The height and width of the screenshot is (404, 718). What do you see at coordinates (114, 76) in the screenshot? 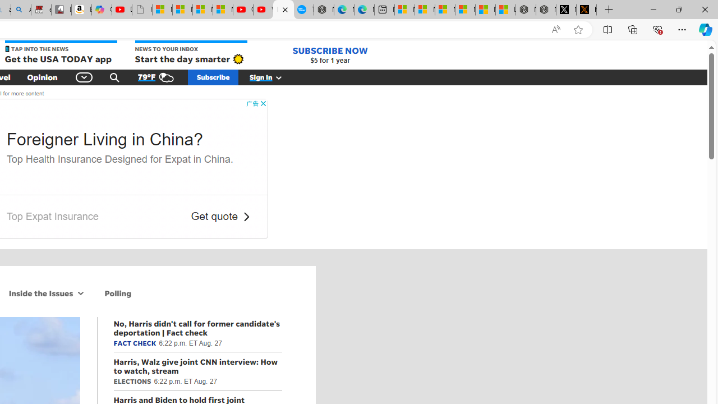
I see `'Class: gnt_n_se_a_svg'` at bounding box center [114, 76].